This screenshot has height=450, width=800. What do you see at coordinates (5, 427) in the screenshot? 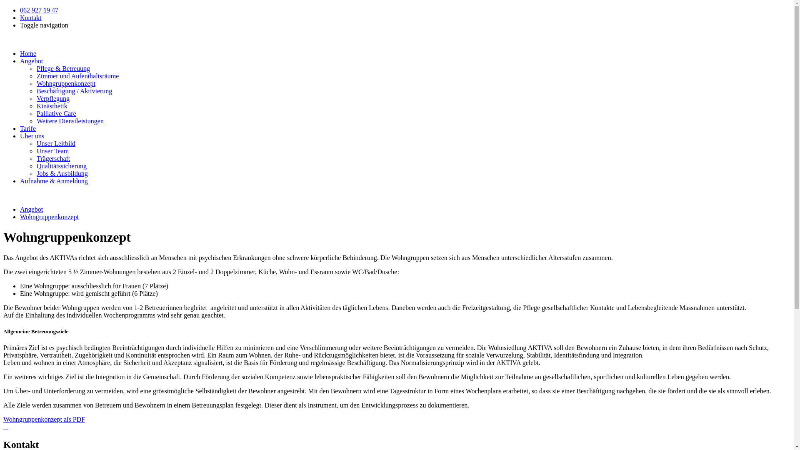
I see `'WG1 (3).JPG'` at bounding box center [5, 427].